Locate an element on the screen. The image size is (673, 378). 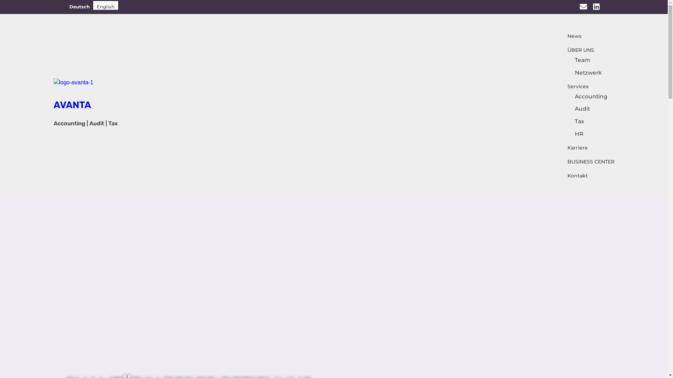
'Deutsch' is located at coordinates (66, 5).